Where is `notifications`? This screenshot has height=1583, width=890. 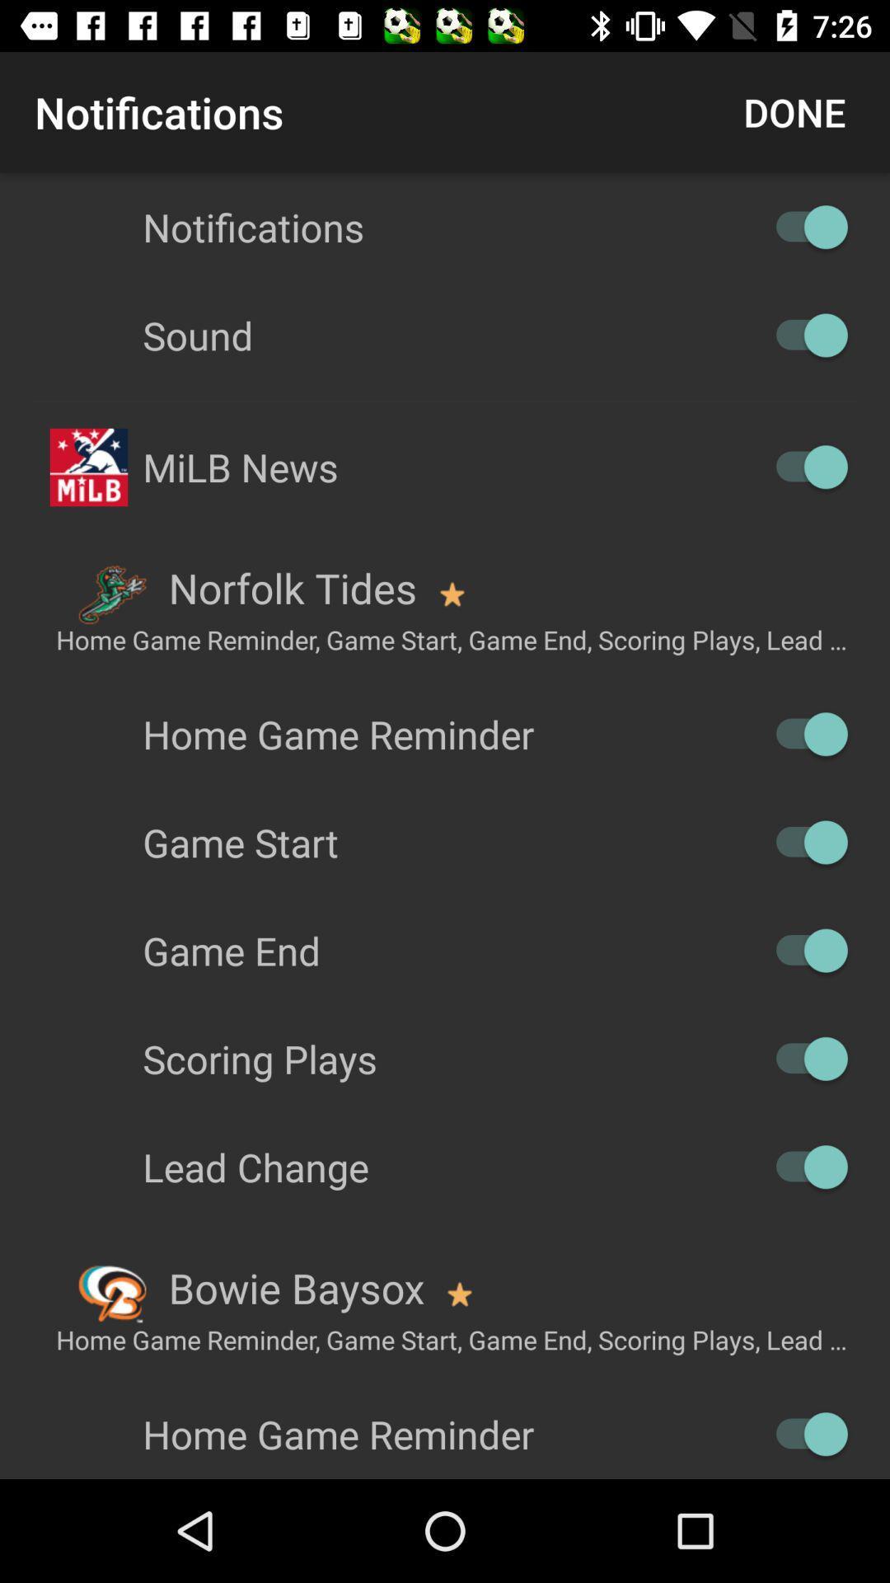
notifications is located at coordinates (803, 226).